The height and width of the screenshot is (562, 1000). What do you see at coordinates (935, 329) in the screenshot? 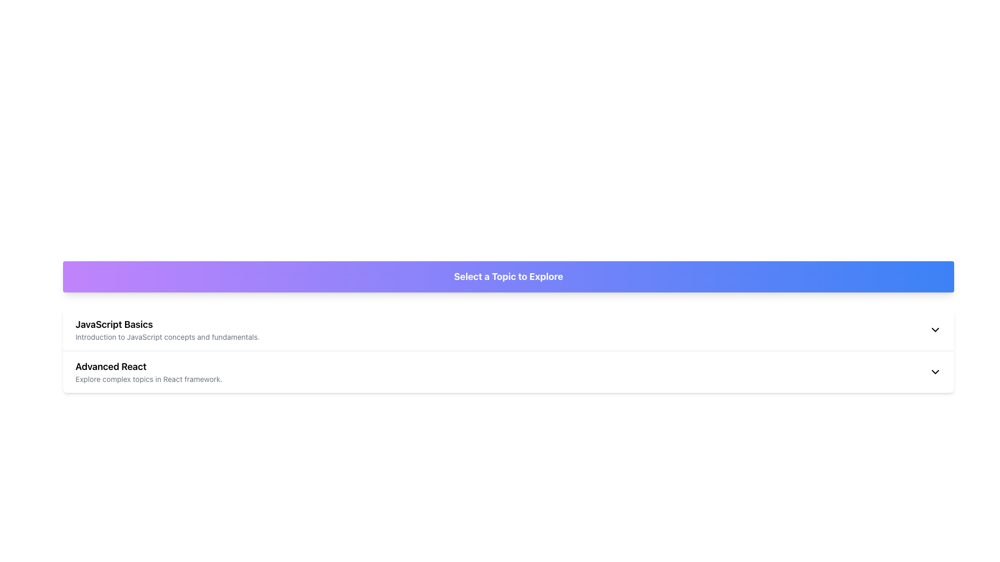
I see `the Chevron icon toggle located at the far right edge of the 'JavaScript Basics' section to provide visual feedback` at bounding box center [935, 329].